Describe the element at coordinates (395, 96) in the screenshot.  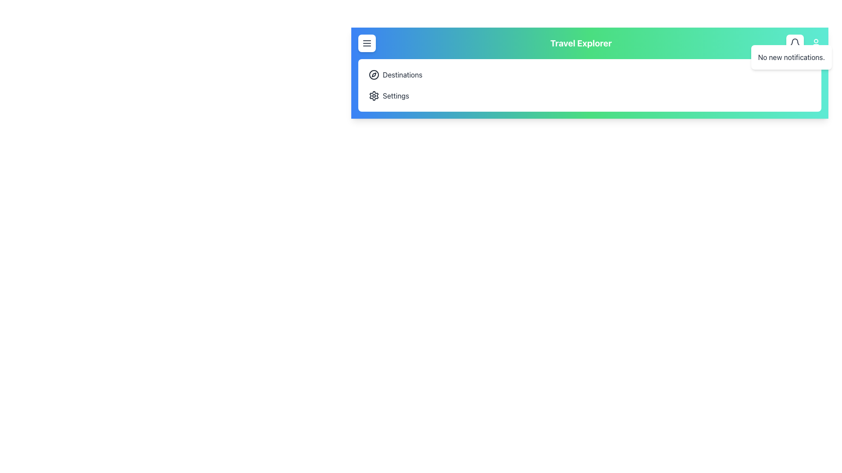
I see `the 'Settings' text label styled in black on a white background` at that location.